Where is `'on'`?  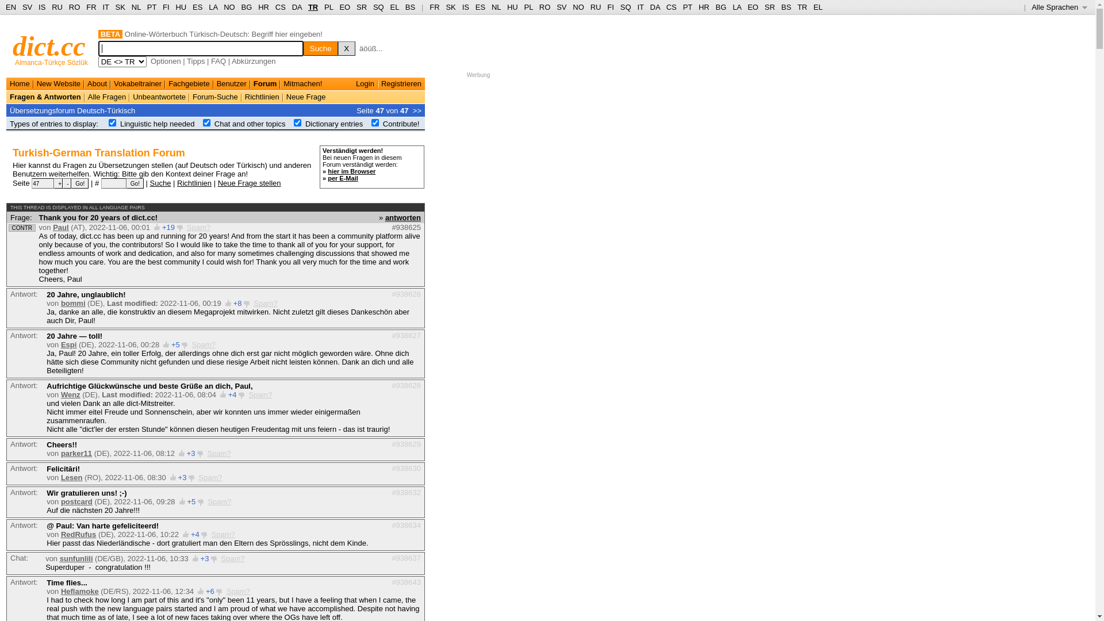 'on' is located at coordinates (206, 122).